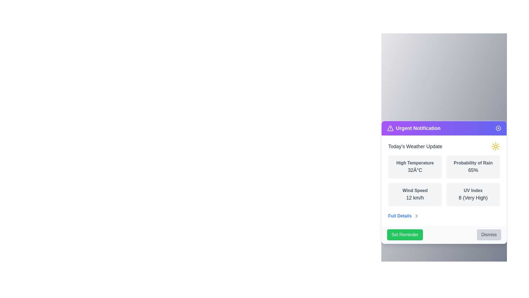  I want to click on bold, gray text label displaying 'High Temperature' located in the upper-left corner of the weather update panel, so click(415, 163).